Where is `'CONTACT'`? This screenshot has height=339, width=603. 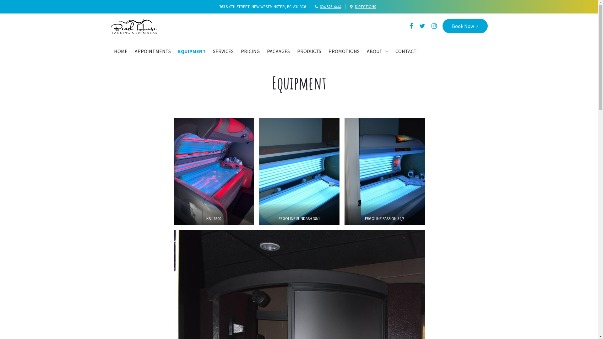
'CONTACT' is located at coordinates (405, 51).